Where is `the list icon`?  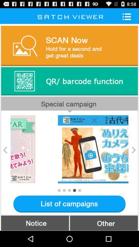
the list icon is located at coordinates (128, 17).